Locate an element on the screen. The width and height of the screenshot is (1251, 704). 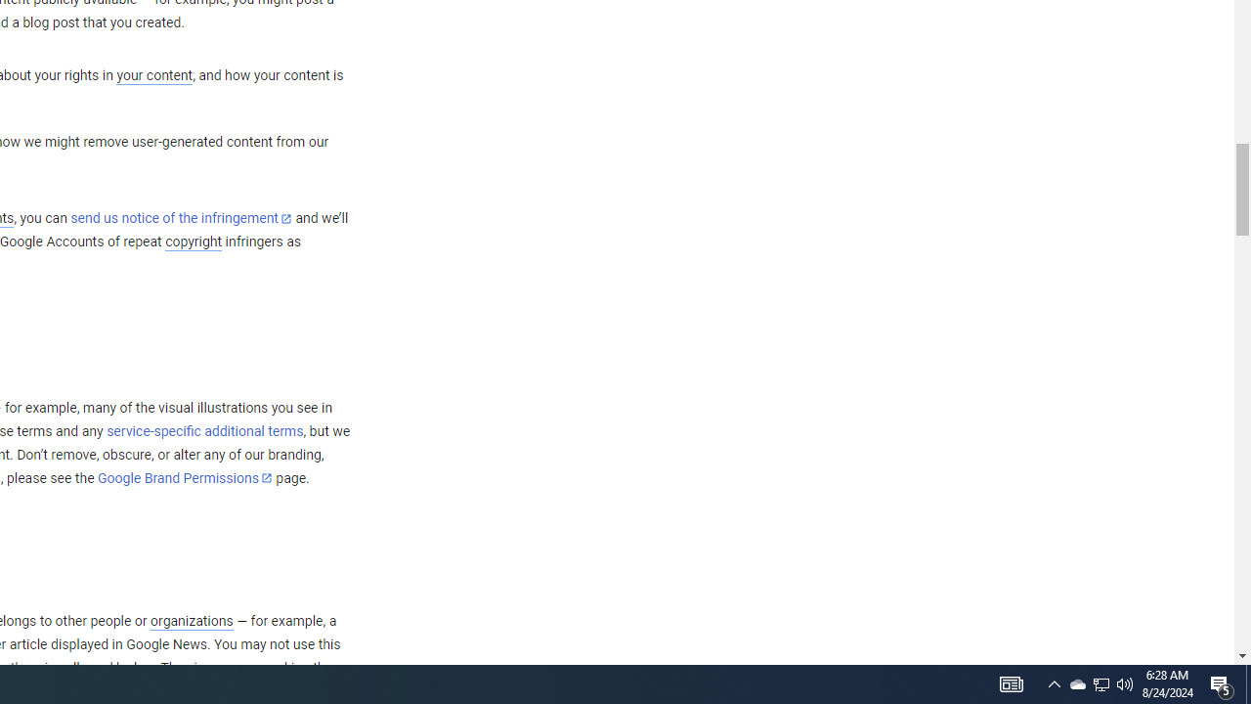
'service-specific additional terms' is located at coordinates (204, 430).